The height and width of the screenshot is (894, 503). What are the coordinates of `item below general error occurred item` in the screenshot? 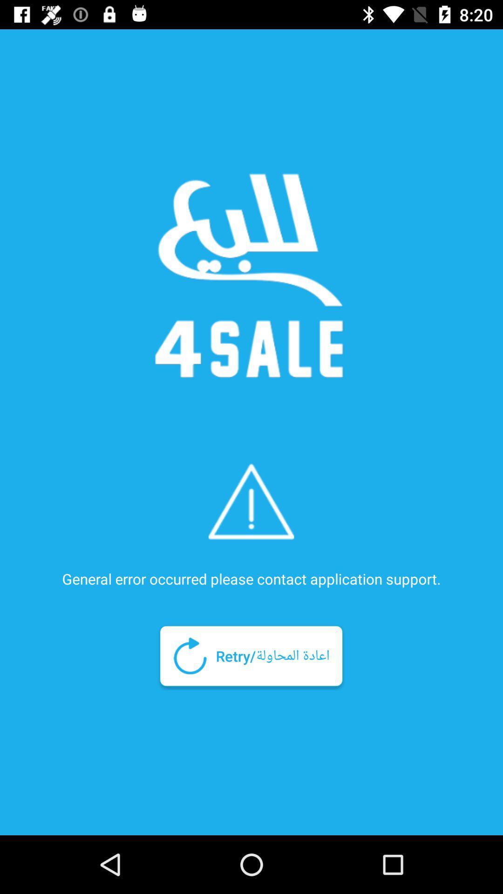 It's located at (251, 655).